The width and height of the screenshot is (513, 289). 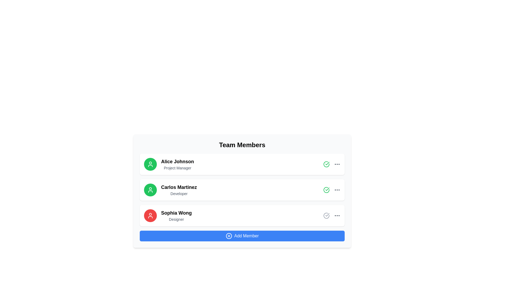 I want to click on the Icon Display representing the user profile of Sophia Wong, located at the leftmost side of her designer card, so click(x=150, y=215).